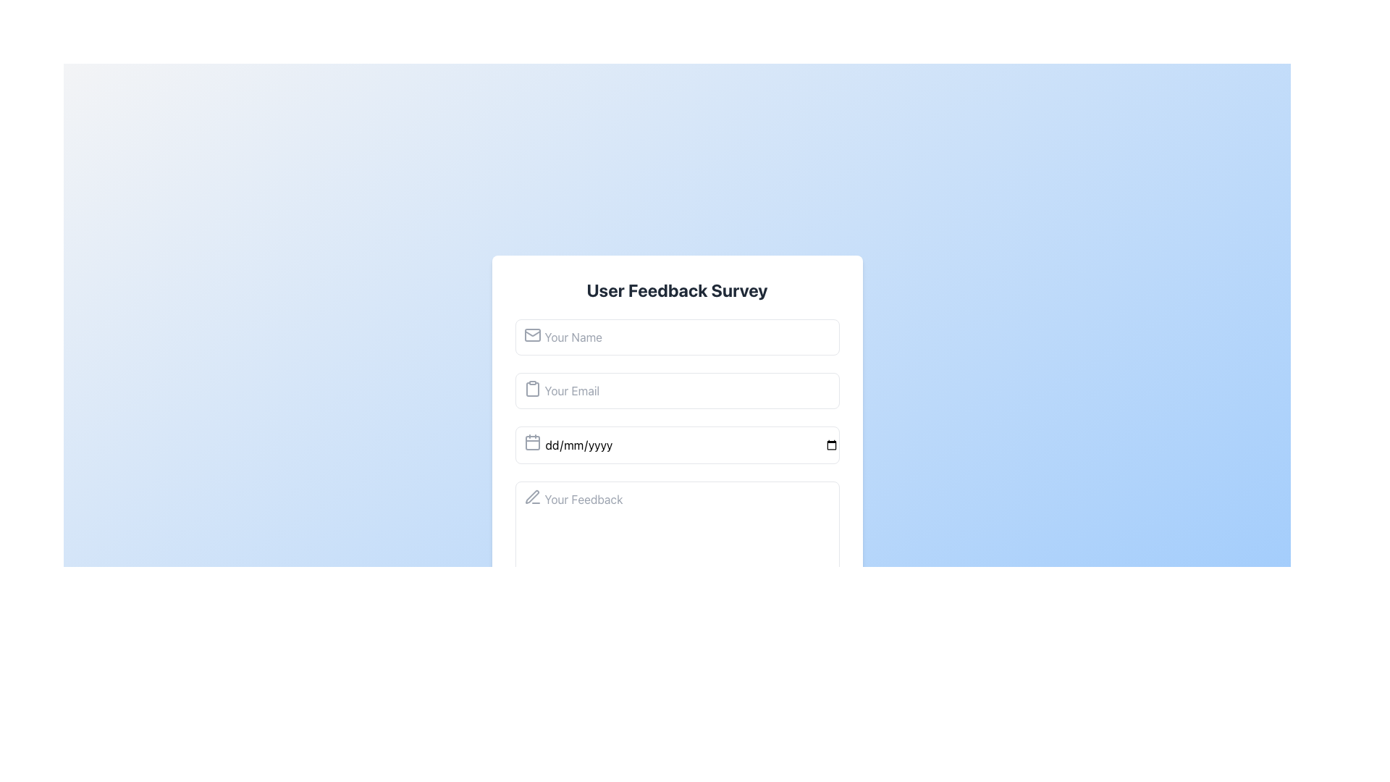 This screenshot has height=782, width=1390. I want to click on the small pencil icon styled in a thin, outlined design located to the left of the 'Your Feedback' input field, so click(531, 496).